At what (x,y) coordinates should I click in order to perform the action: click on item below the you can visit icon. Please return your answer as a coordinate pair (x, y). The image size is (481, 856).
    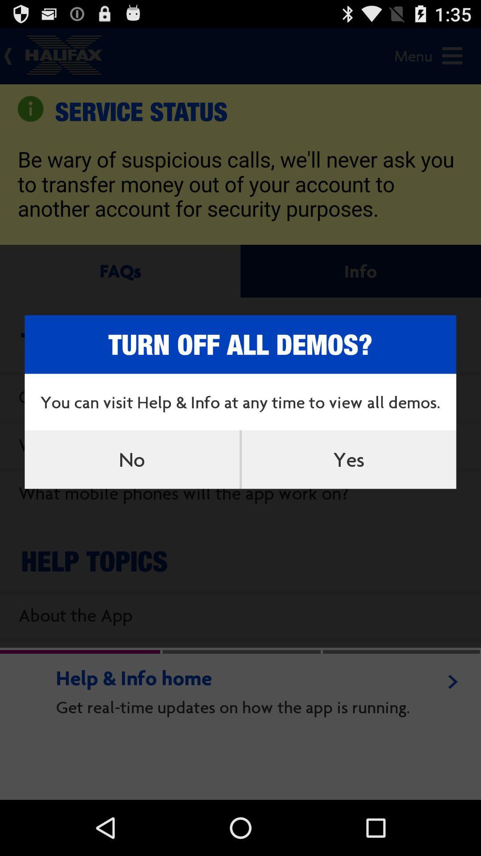
    Looking at the image, I should click on (348, 459).